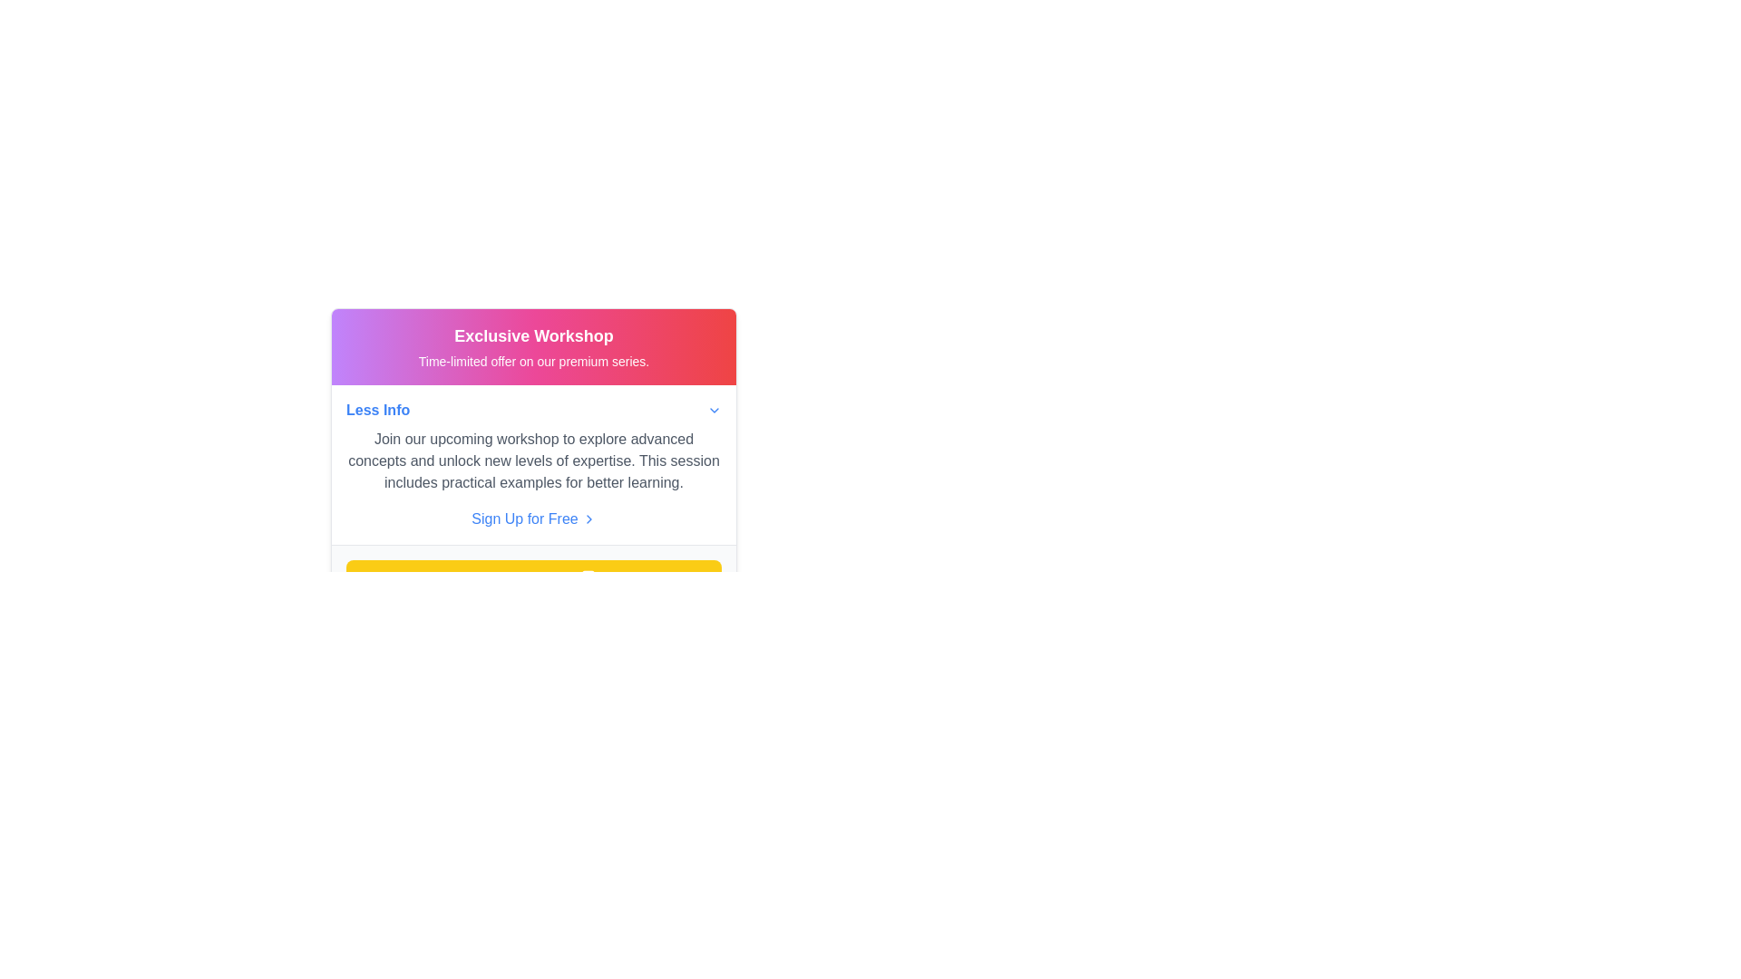 This screenshot has width=1741, height=979. I want to click on the toggle button that collapses or hides additional workshop information, so click(533, 410).